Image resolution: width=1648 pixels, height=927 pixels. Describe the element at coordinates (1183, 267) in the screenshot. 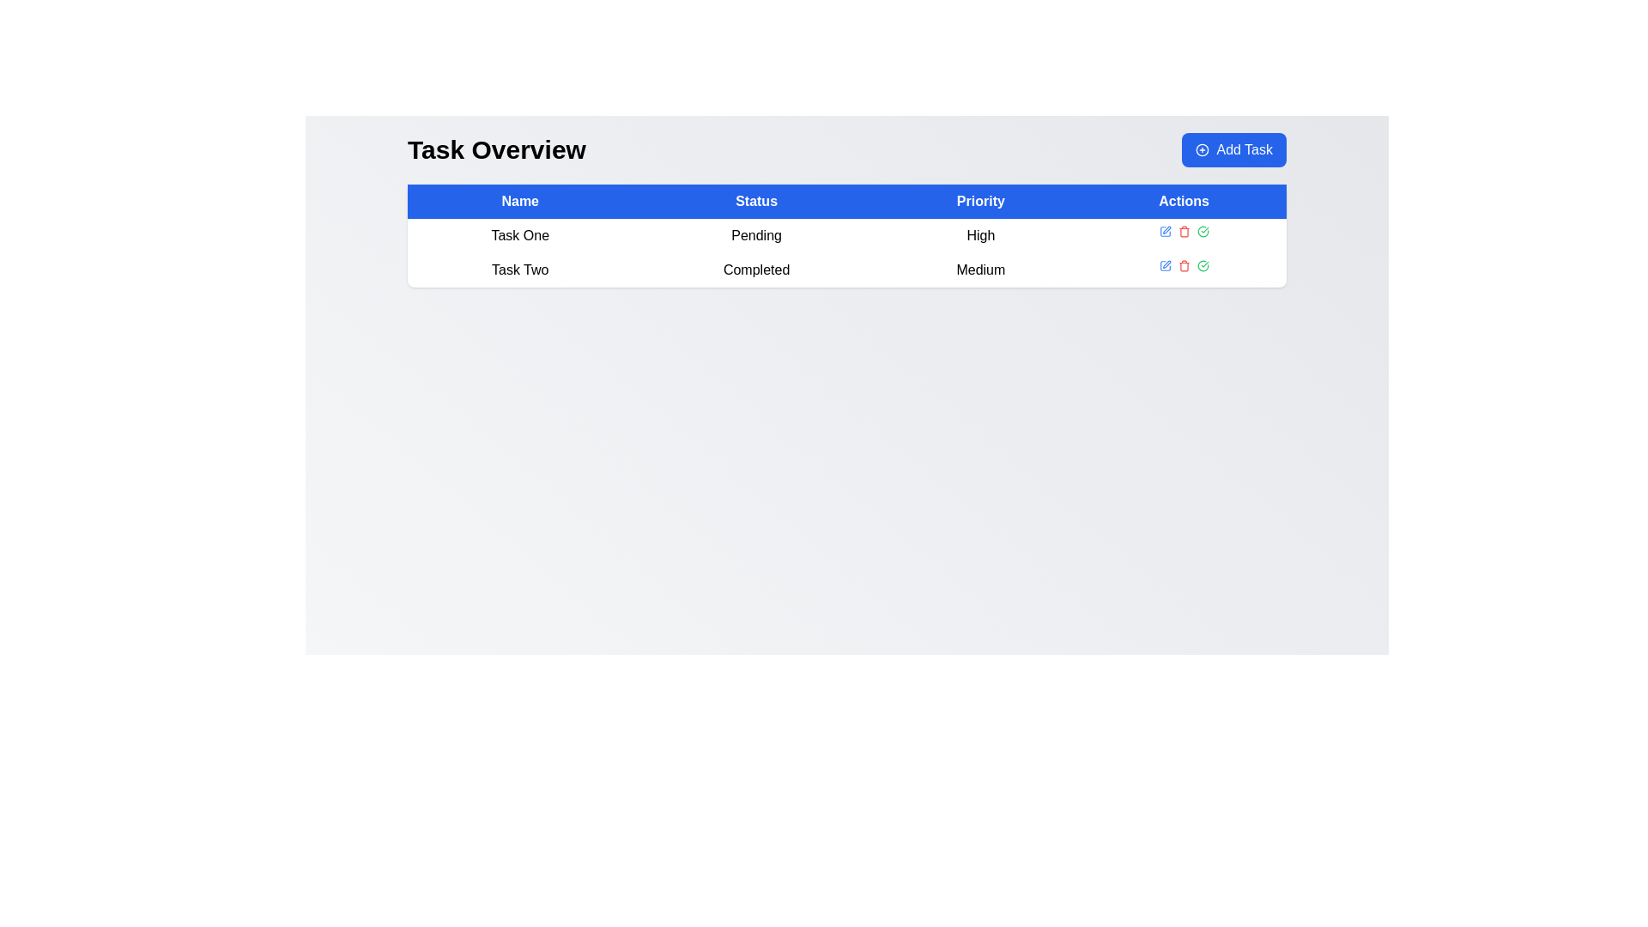

I see `the trash icon located in the 'Actions' column of the second row in the table, which symbolizes the delete action` at that location.